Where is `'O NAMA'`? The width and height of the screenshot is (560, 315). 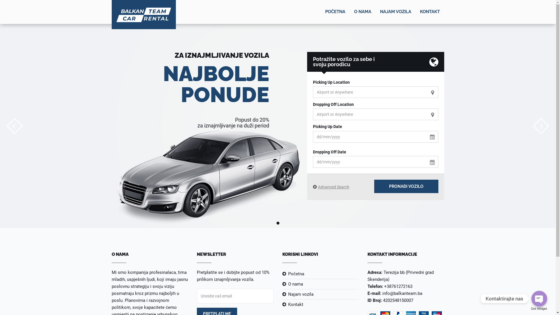 'O NAMA' is located at coordinates (362, 12).